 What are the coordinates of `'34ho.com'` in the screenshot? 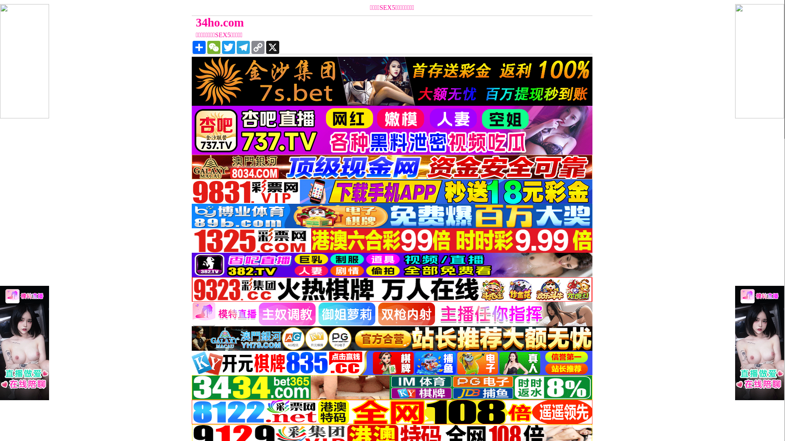 It's located at (342, 22).